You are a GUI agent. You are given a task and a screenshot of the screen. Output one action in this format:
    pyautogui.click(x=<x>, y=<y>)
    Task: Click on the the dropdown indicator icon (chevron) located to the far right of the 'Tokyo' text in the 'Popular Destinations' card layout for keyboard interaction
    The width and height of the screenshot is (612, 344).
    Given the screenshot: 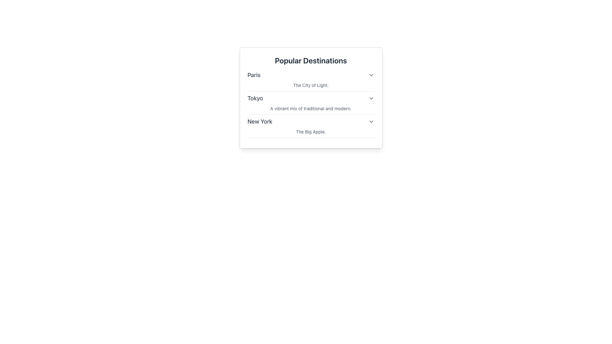 What is the action you would take?
    pyautogui.click(x=371, y=98)
    